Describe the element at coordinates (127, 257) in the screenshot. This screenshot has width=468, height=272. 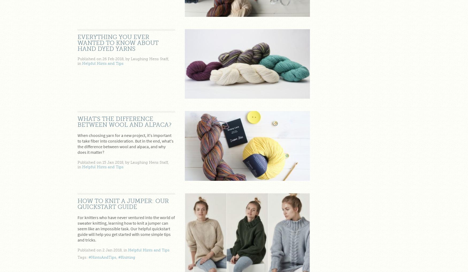
I see `'#Knitting'` at that location.